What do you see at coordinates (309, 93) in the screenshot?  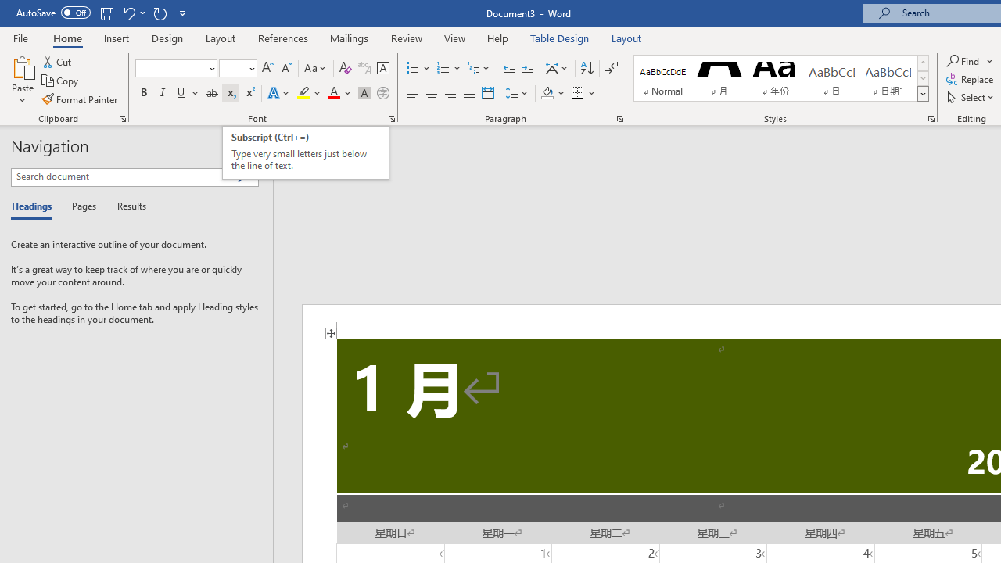 I see `'Text Highlight Color'` at bounding box center [309, 93].